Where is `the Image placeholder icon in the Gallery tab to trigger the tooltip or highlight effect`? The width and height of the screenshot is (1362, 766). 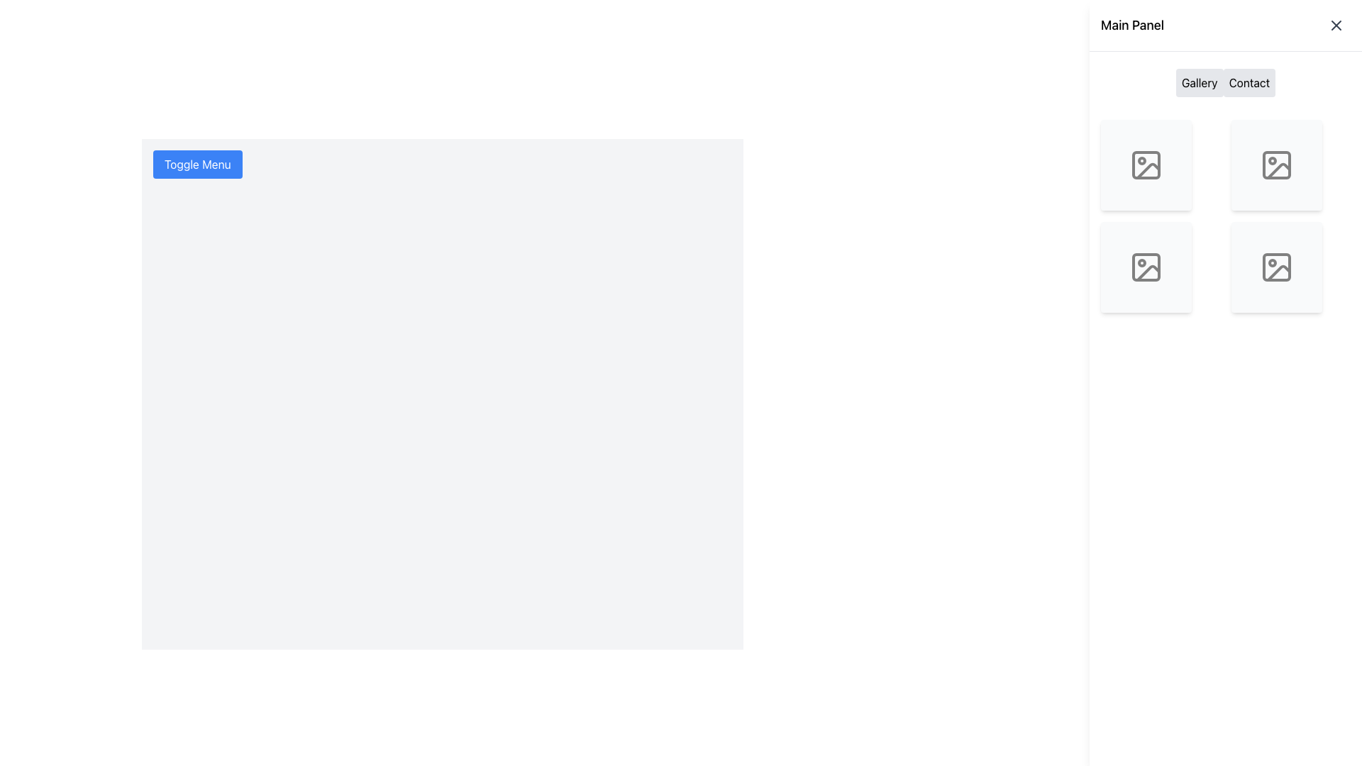
the Image placeholder icon in the Gallery tab to trigger the tooltip or highlight effect is located at coordinates (1146, 164).